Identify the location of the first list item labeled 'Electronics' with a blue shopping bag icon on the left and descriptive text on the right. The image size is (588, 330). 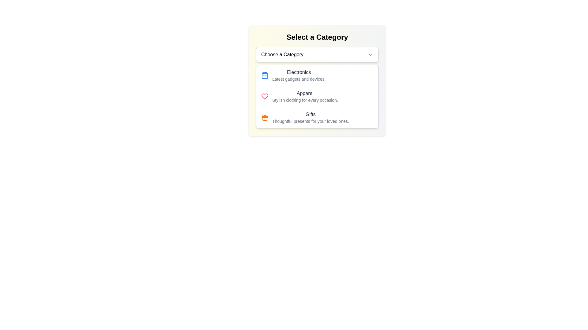
(317, 75).